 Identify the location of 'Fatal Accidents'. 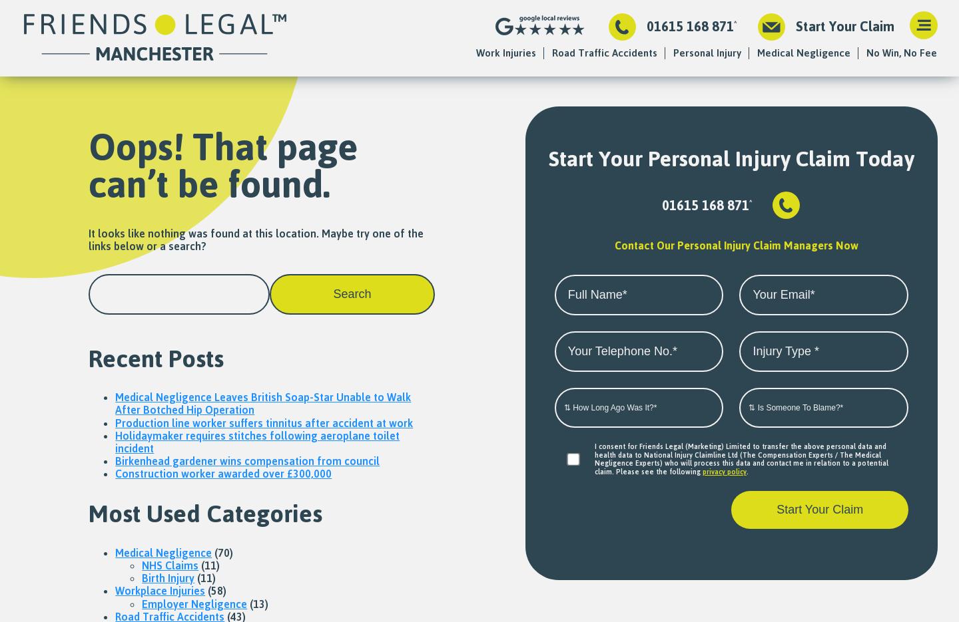
(694, 77).